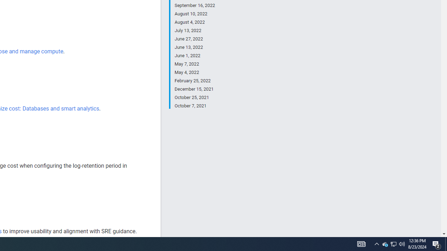 The height and width of the screenshot is (251, 447). I want to click on 'February 25, 2022', so click(195, 81).